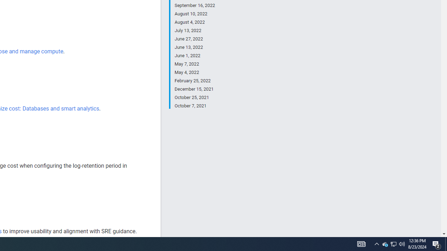 The height and width of the screenshot is (251, 447). I want to click on 'February 25, 2022', so click(195, 81).